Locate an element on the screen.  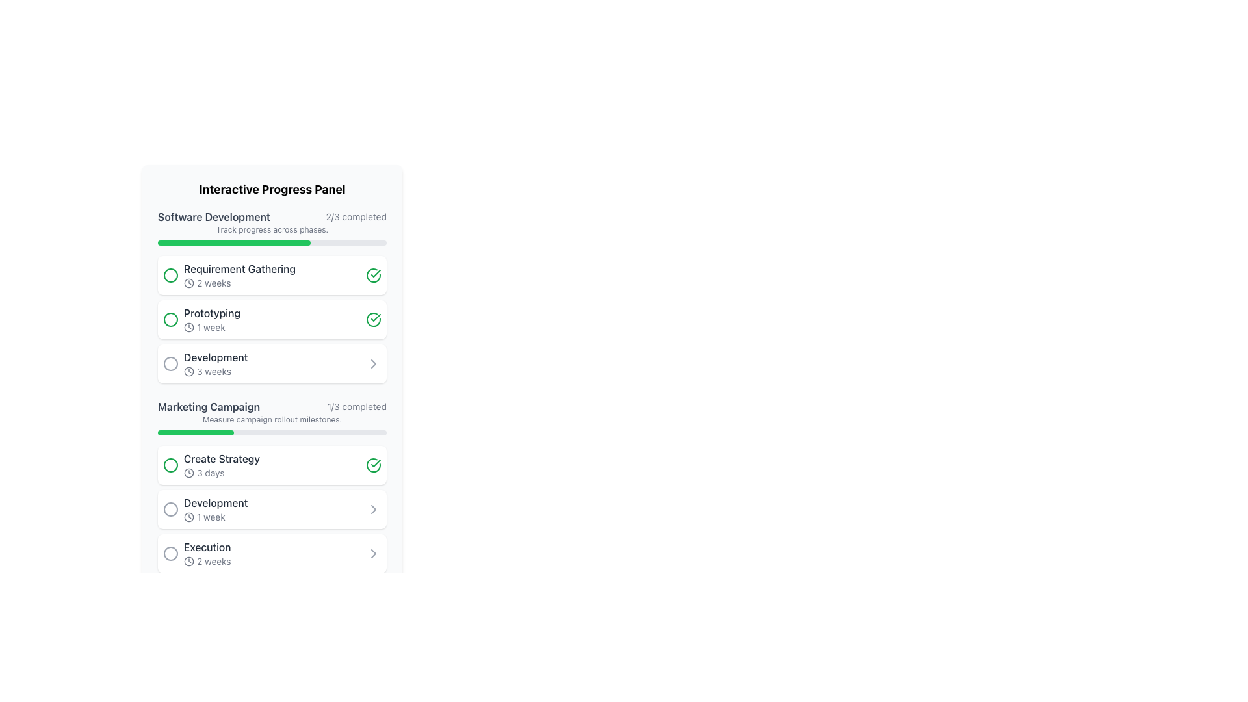
the text label for the 'Requirement Gathering' task located under the 'Software Development' section in the progress tracker panel, which is the first text entry above '2 weeks' and to the right of a circular indicator is located at coordinates (240, 268).